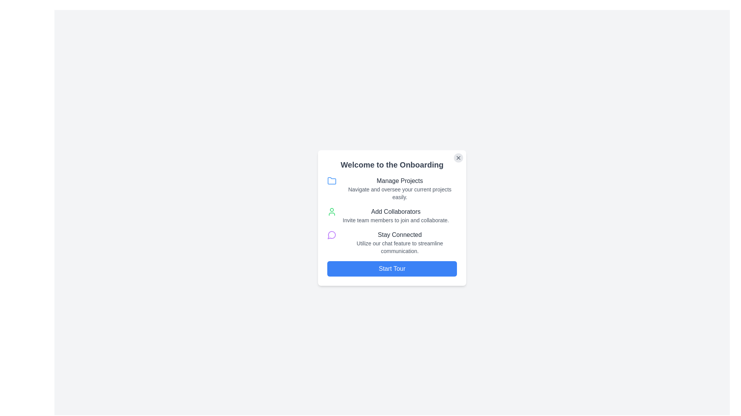  Describe the element at coordinates (392, 242) in the screenshot. I see `the informational text block that guides users about the chat feature, which is the third item in the vertical list between 'Add Collaborators' and 'Start Tour'` at that location.